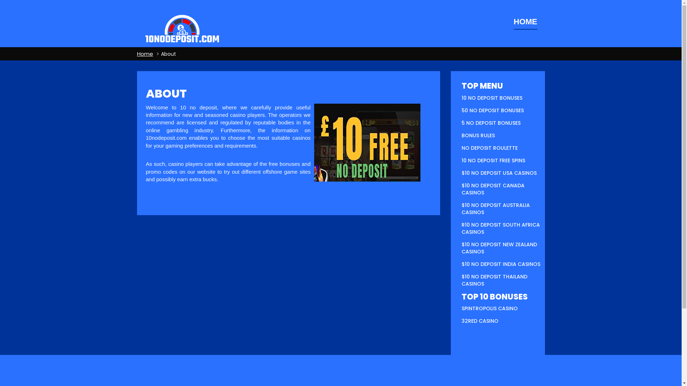 This screenshot has height=386, width=687. Describe the element at coordinates (144, 53) in the screenshot. I see `'Home'` at that location.